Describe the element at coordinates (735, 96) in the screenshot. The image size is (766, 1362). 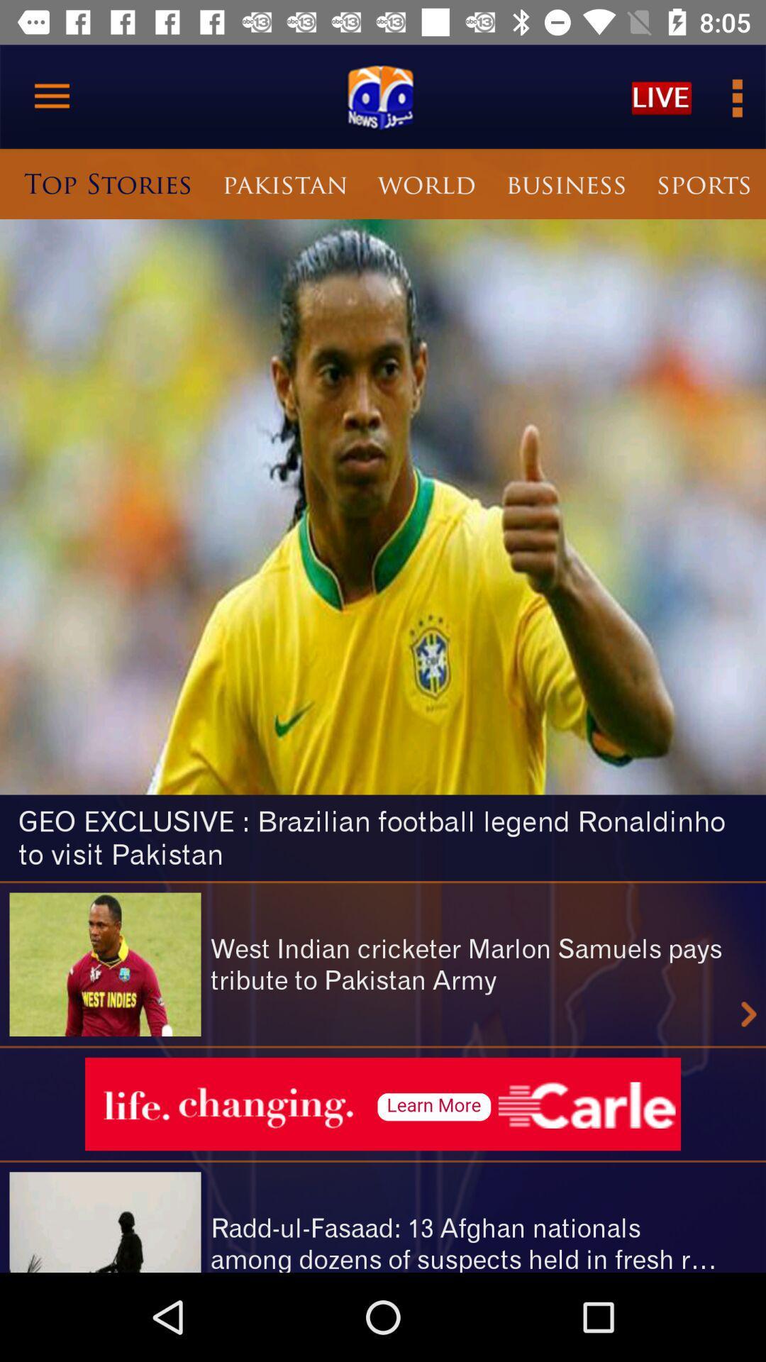
I see `more information` at that location.